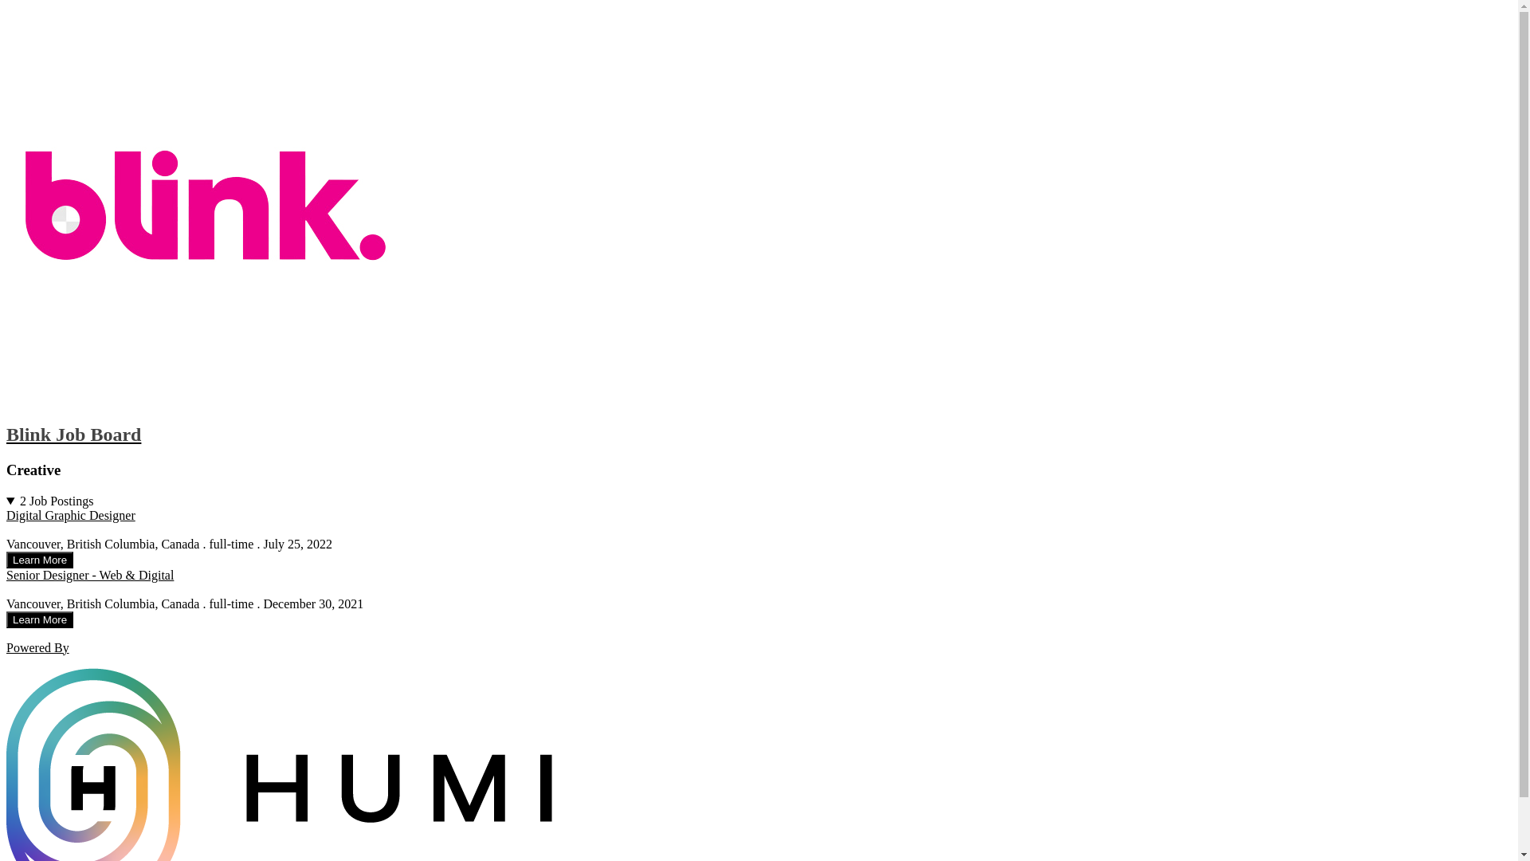  Describe the element at coordinates (39, 558) in the screenshot. I see `'Learn More'` at that location.